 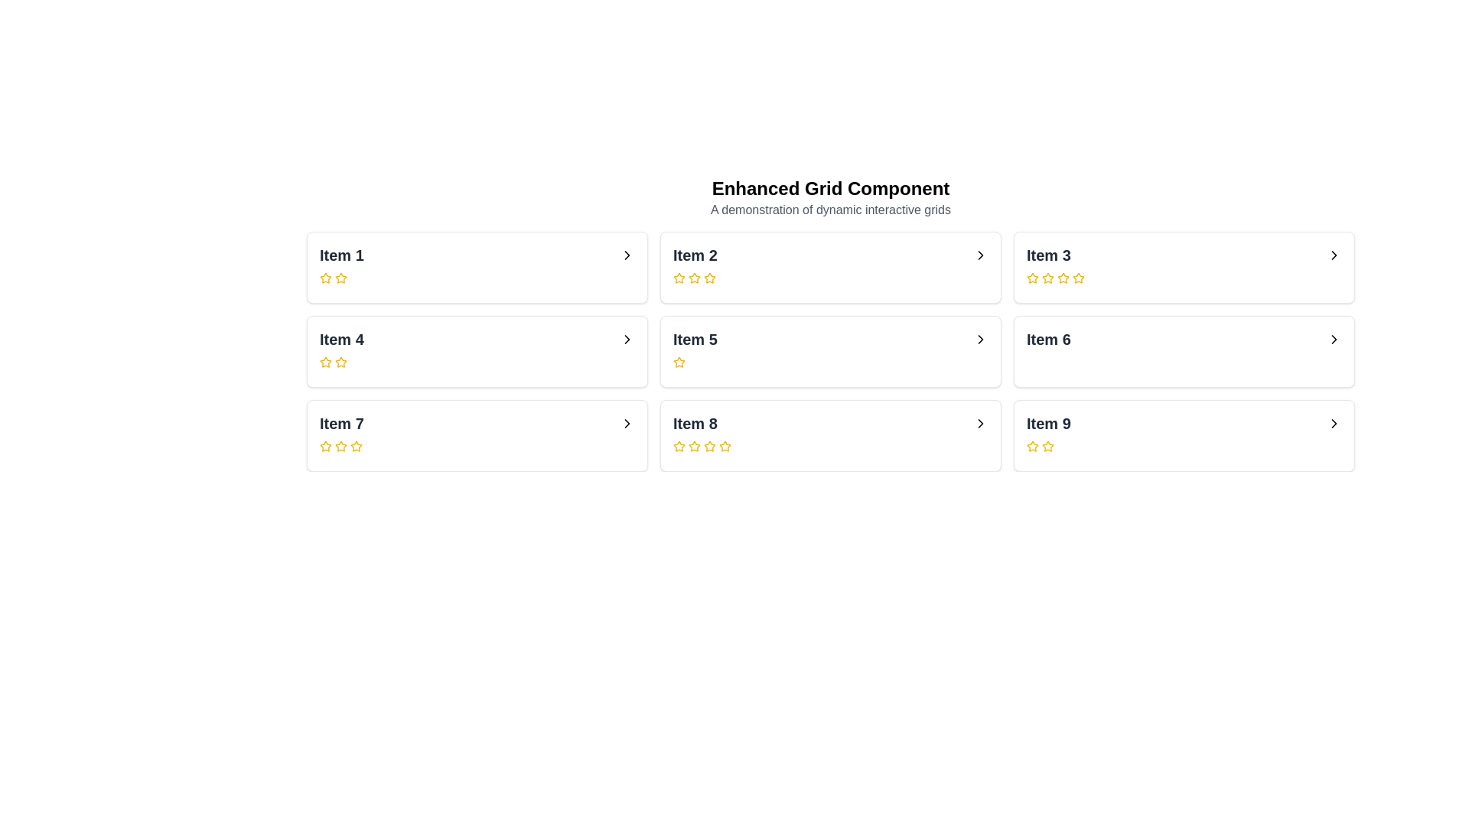 I want to click on the Button (icon-based) that expands or navigates into details for 'Item 9', located to the right of the 'Item 9' label and below the ratings text, so click(x=1333, y=424).